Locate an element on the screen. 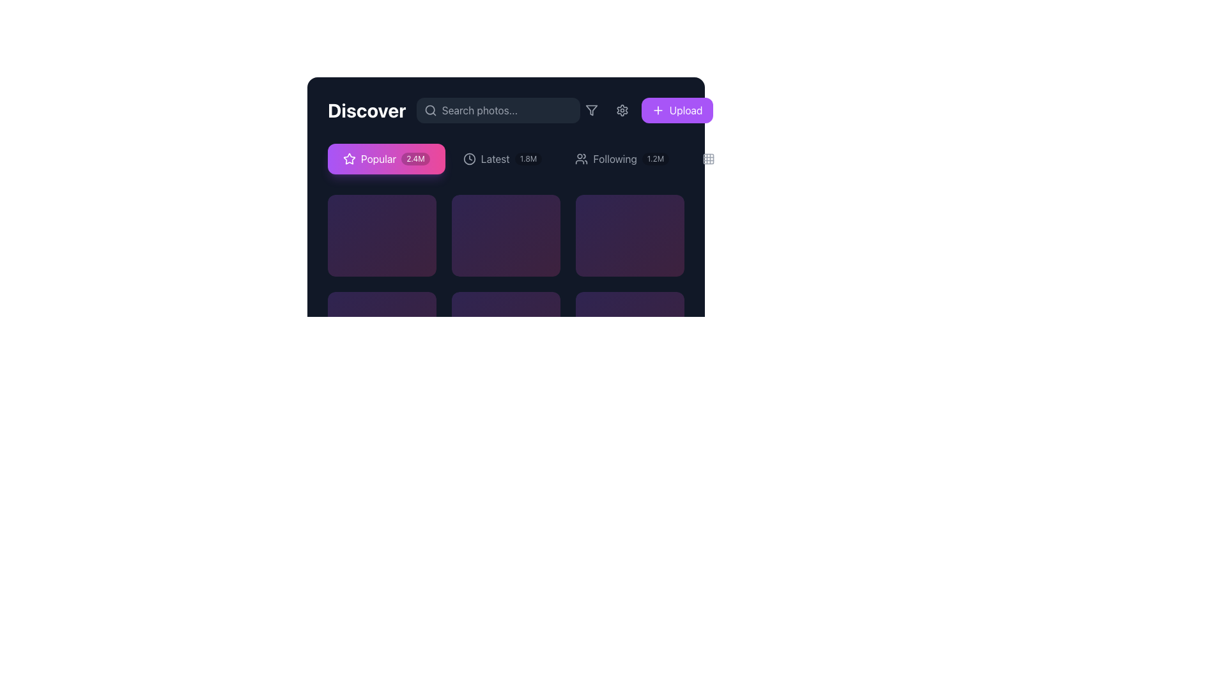 Image resolution: width=1227 pixels, height=690 pixels. the 'Following' static text label, which is styled in gray on a dark background and is positioned between an icon and a numeric label ('1.2M') is located at coordinates (615, 158).